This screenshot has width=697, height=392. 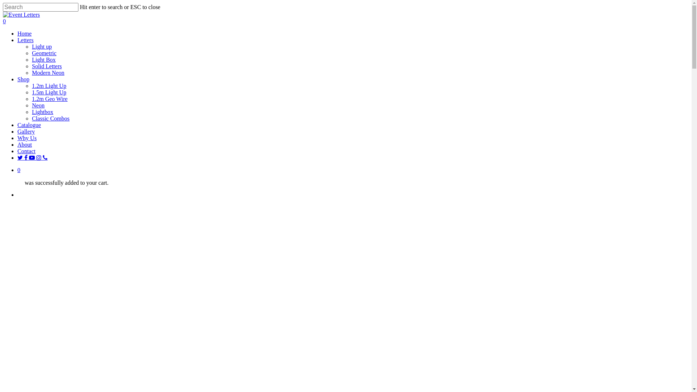 What do you see at coordinates (26, 151) in the screenshot?
I see `'Contact'` at bounding box center [26, 151].